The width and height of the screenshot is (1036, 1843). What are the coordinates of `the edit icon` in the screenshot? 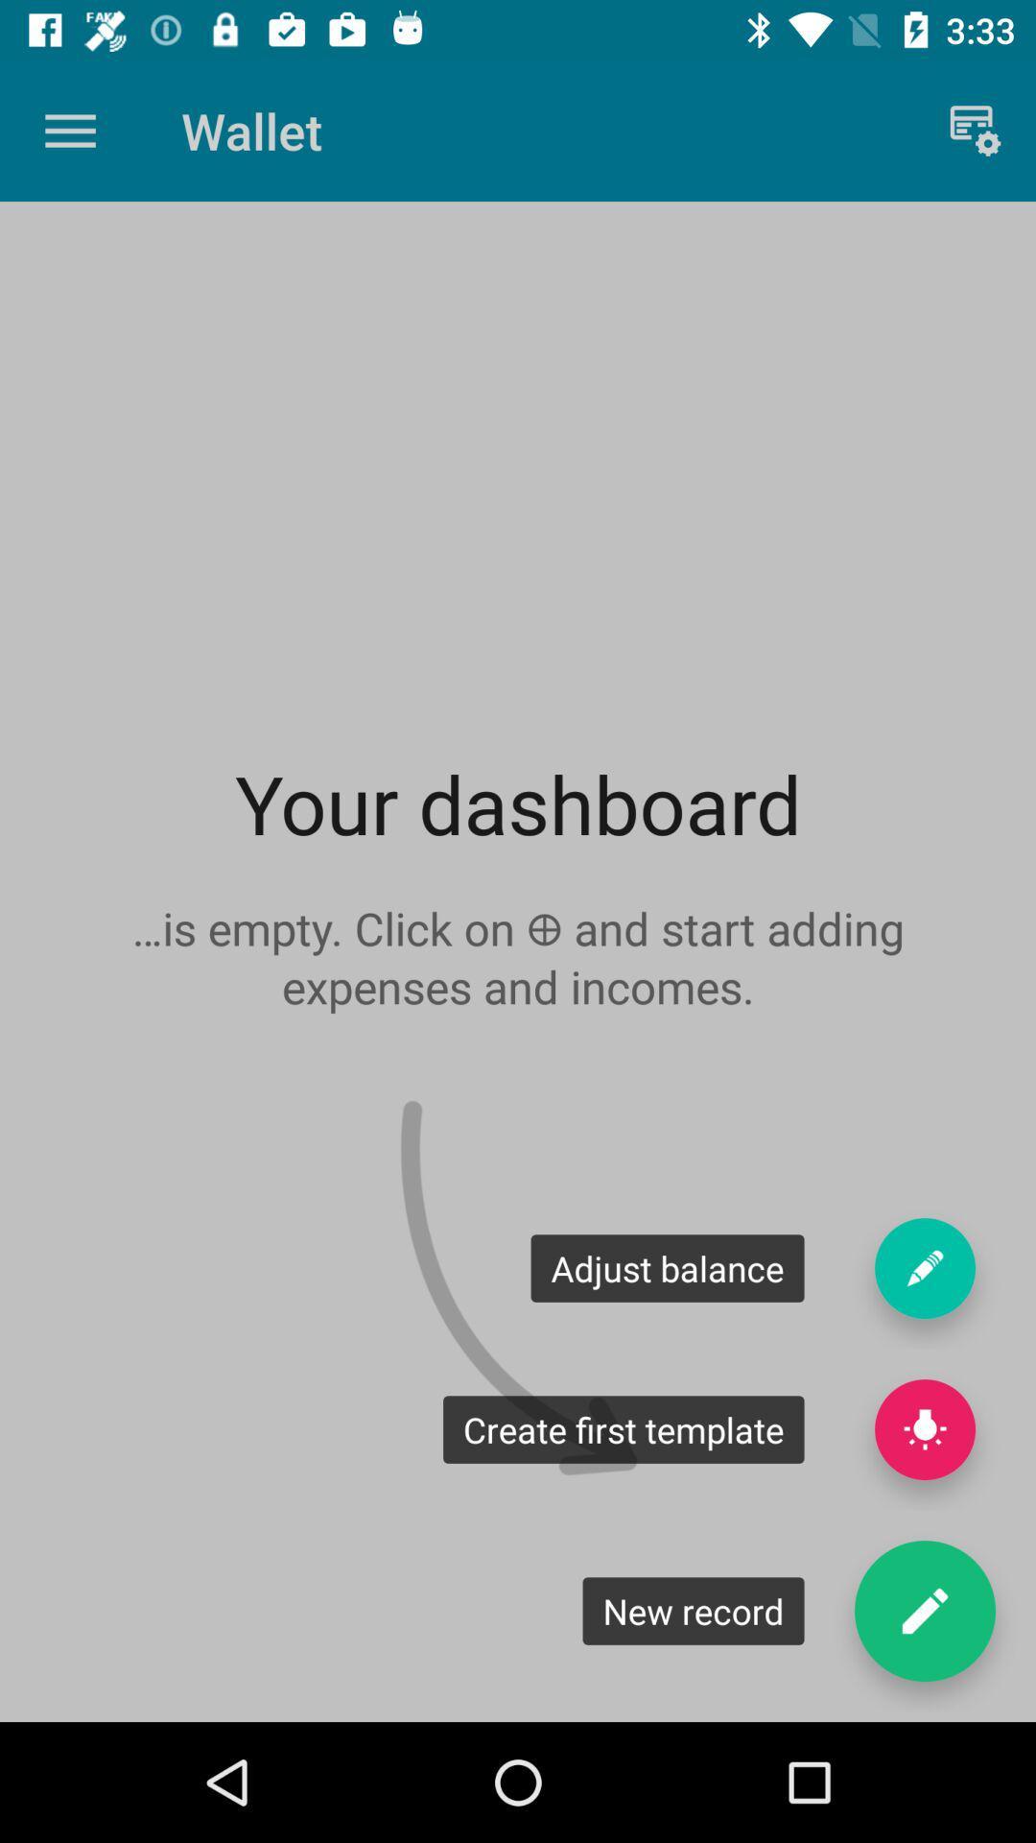 It's located at (924, 1268).